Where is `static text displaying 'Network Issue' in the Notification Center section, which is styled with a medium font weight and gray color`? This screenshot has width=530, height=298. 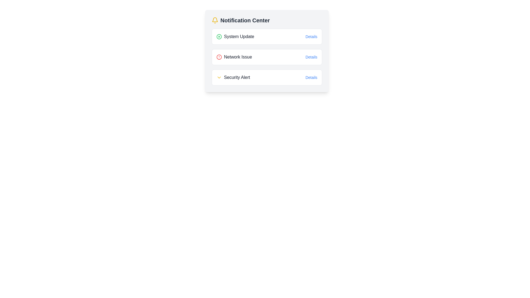 static text displaying 'Network Issue' in the Notification Center section, which is styled with a medium font weight and gray color is located at coordinates (238, 57).